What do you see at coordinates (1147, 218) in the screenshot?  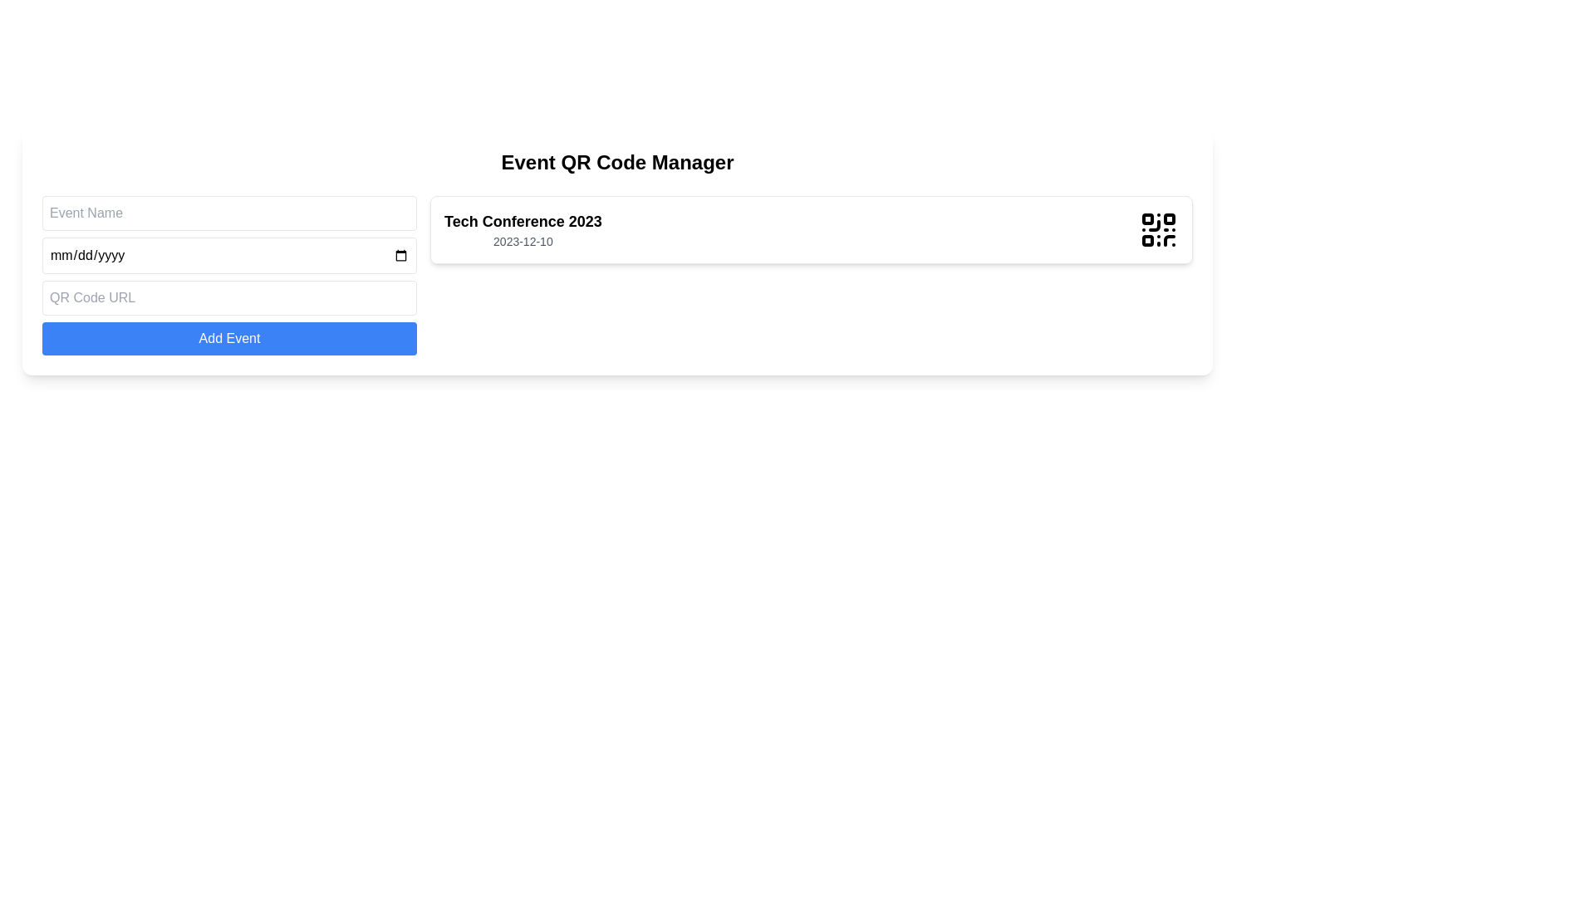 I see `the small square with rounded corners located in the top-left corner of the QR code graphic, which is the first square in a three-square grid on the right side of the event card` at bounding box center [1147, 218].